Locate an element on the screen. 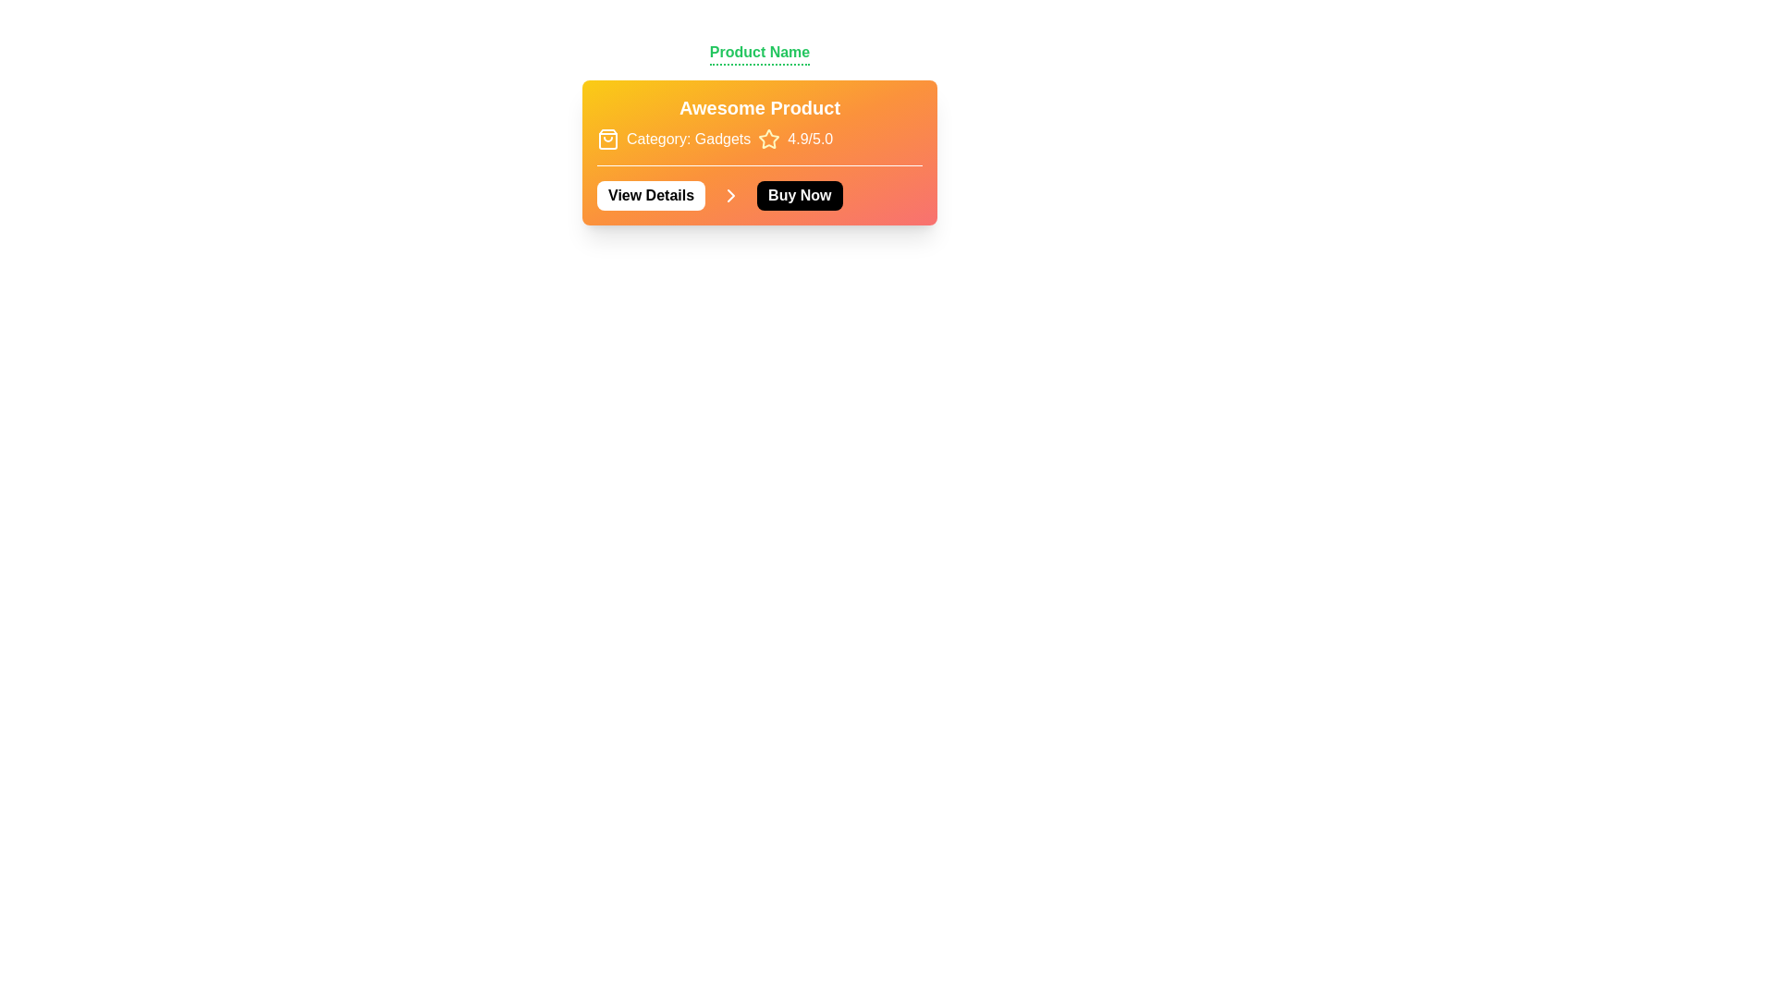 This screenshot has width=1775, height=998. the chevron arrow SVG graphic element located under the 'Awesome Product' text, positioned between the 'View Details' and 'Buy Now' buttons is located at coordinates (730, 196).